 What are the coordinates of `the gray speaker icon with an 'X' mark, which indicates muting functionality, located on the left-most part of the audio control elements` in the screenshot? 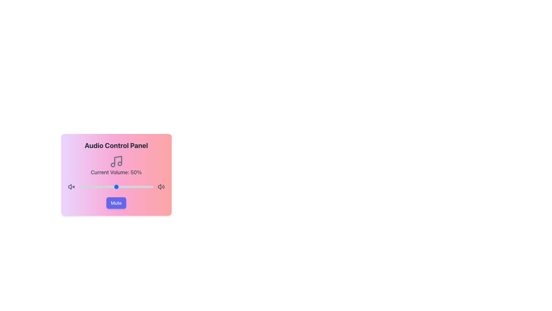 It's located at (71, 187).